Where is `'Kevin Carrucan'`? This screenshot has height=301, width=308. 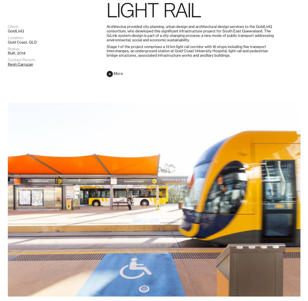
'Kevin Carrucan' is located at coordinates (20, 285).